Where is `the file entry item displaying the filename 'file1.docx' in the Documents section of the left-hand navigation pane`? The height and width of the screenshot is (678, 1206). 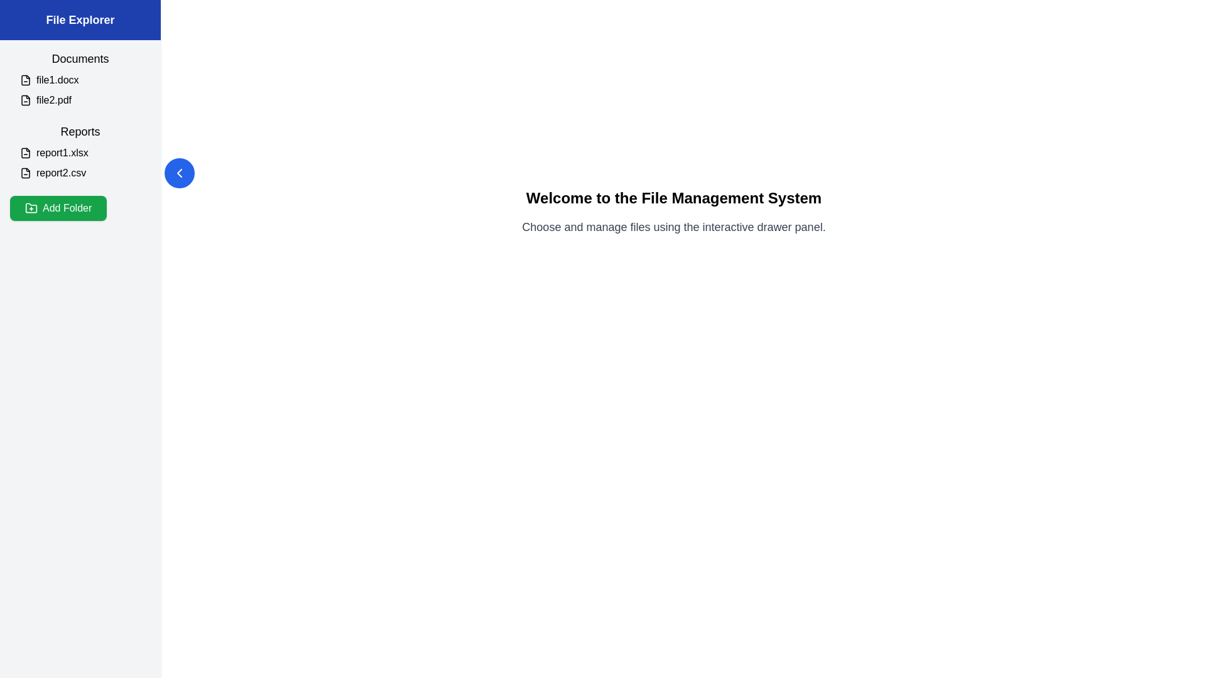
the file entry item displaying the filename 'file1.docx' in the Documents section of the left-hand navigation pane is located at coordinates (84, 80).